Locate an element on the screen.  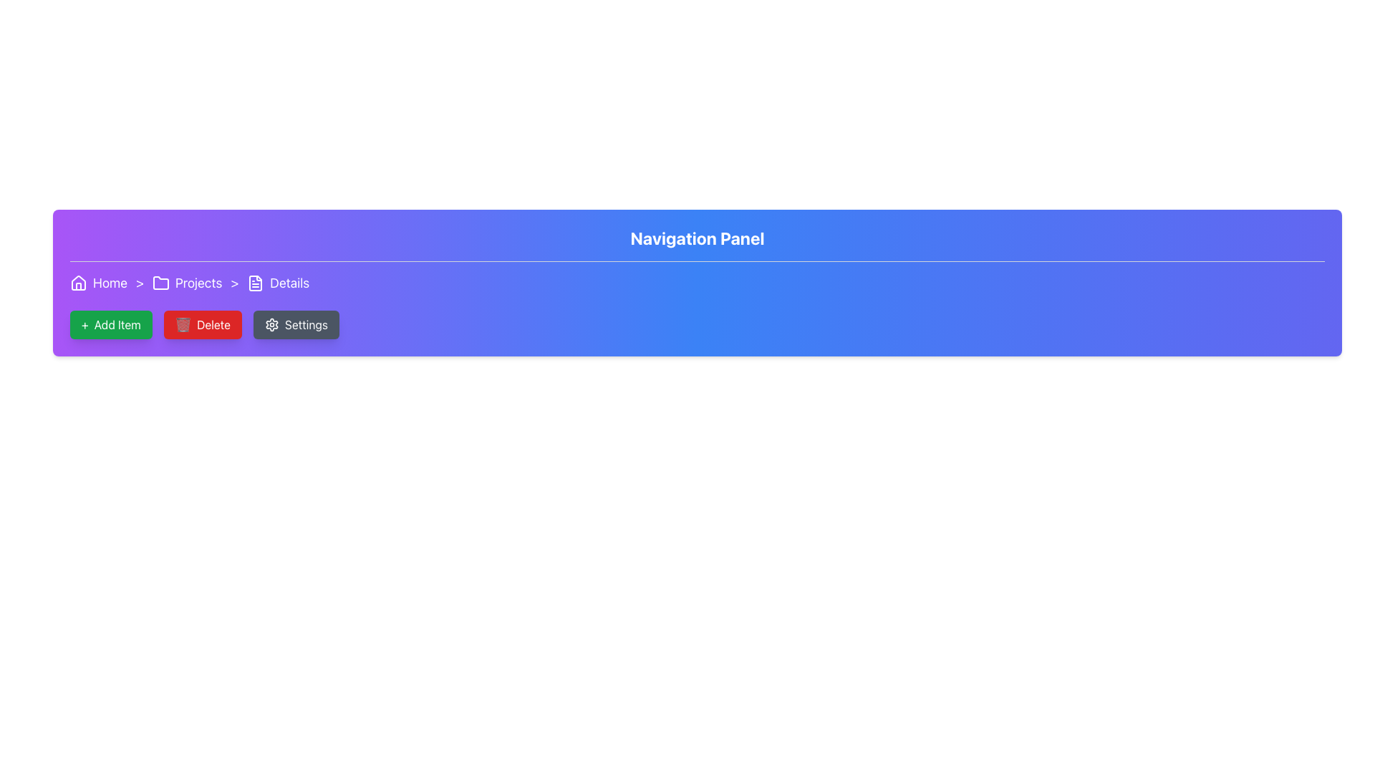
label 'Details' from the breadcrumb navigation bar, which is styled in white and accompanied by a document icon, located beneath the main header is located at coordinates (278, 283).